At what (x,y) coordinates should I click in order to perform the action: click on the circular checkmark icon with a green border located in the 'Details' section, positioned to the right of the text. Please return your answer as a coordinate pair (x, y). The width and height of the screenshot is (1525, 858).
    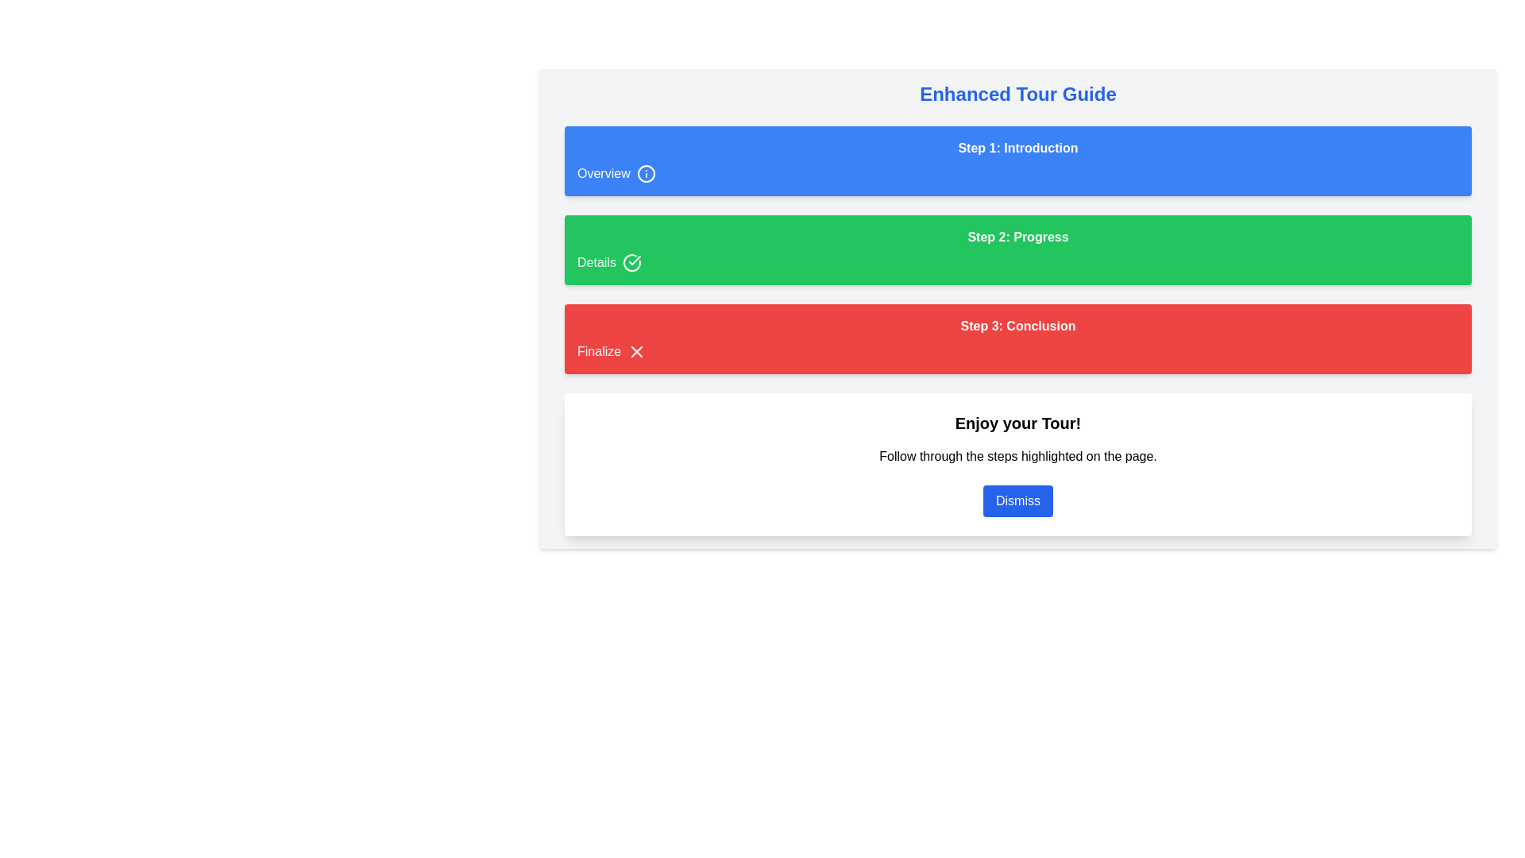
    Looking at the image, I should click on (631, 262).